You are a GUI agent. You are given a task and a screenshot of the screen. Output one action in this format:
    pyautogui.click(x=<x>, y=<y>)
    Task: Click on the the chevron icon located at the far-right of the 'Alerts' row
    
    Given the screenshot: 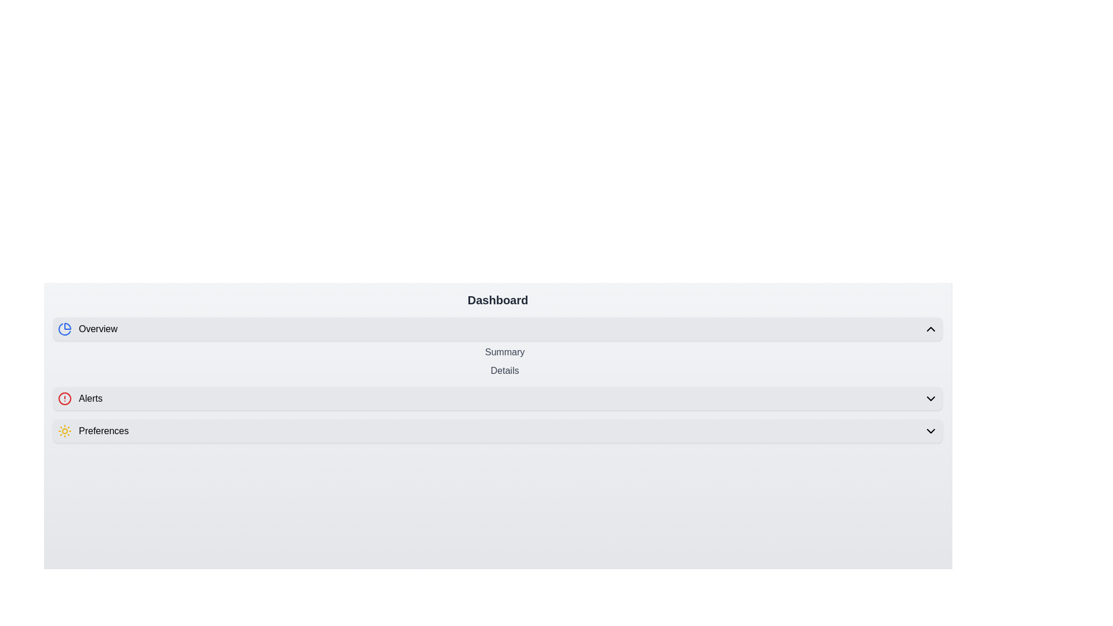 What is the action you would take?
    pyautogui.click(x=931, y=398)
    